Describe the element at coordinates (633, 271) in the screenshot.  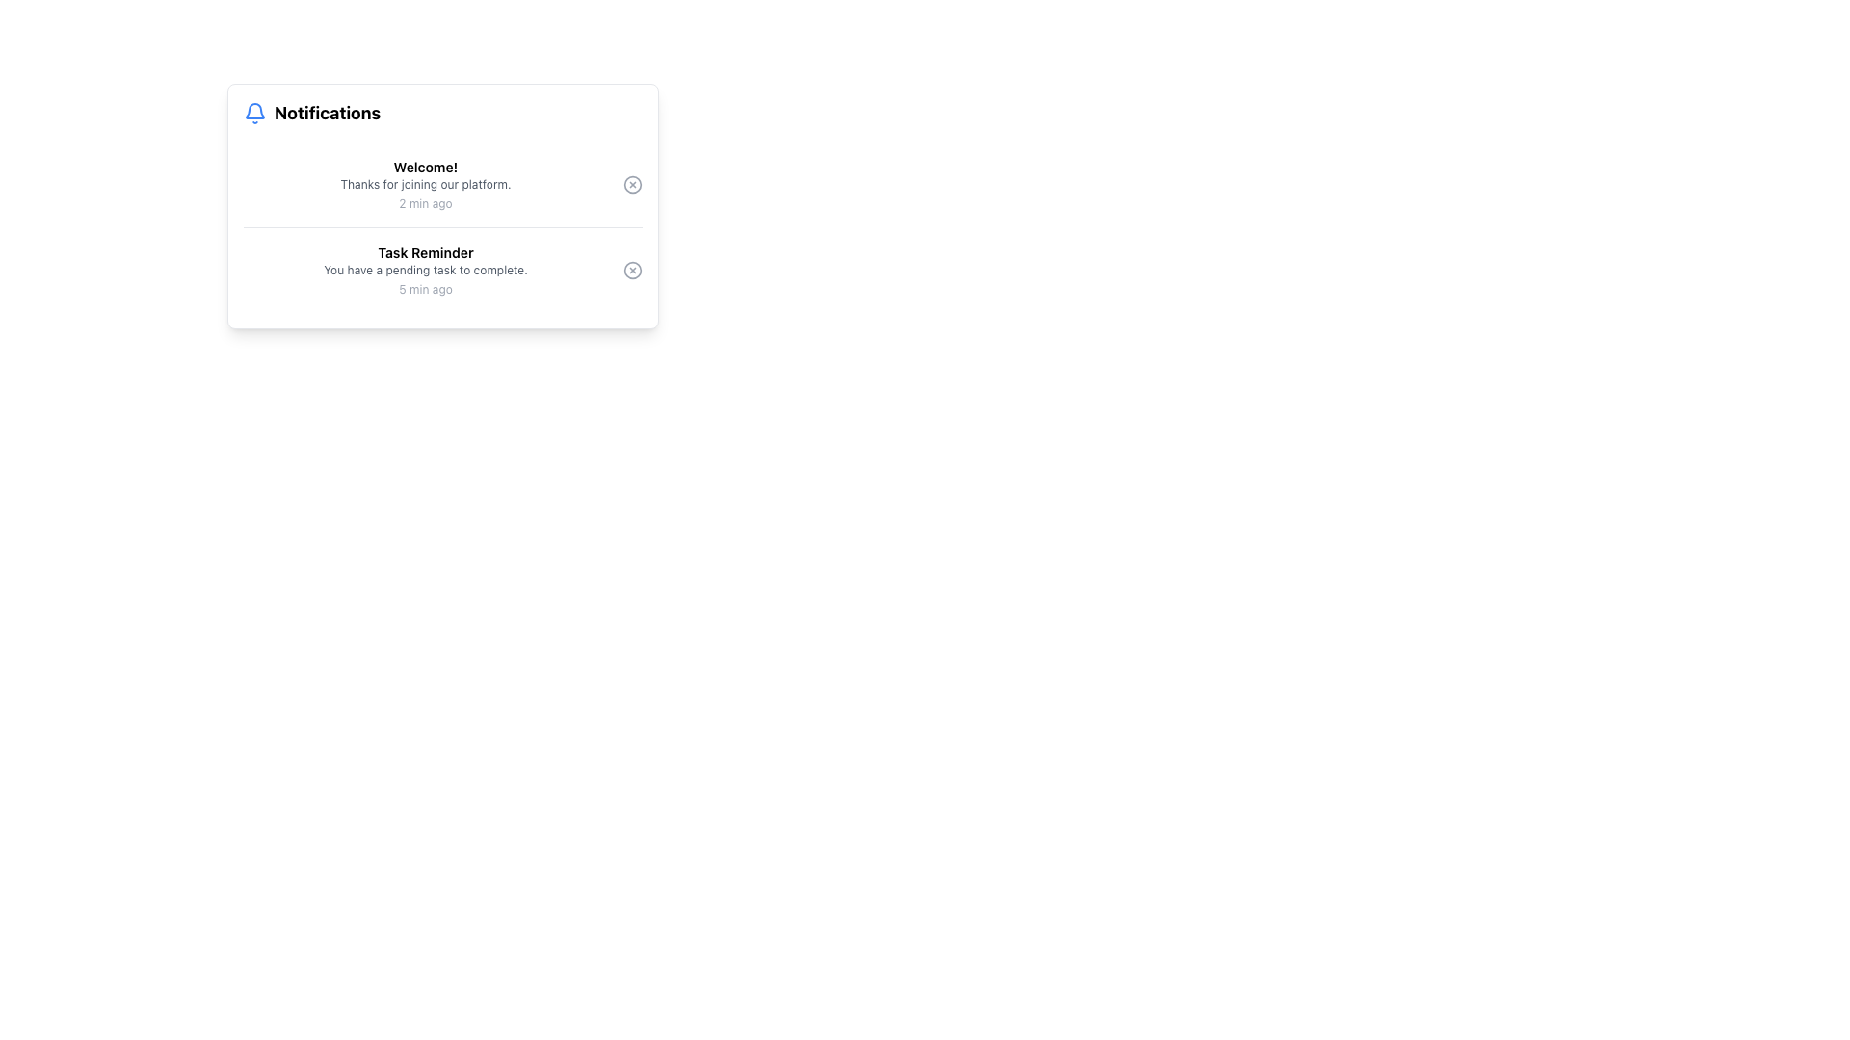
I see `the small circular 'X' button next to the 'Task Reminder' notification` at that location.